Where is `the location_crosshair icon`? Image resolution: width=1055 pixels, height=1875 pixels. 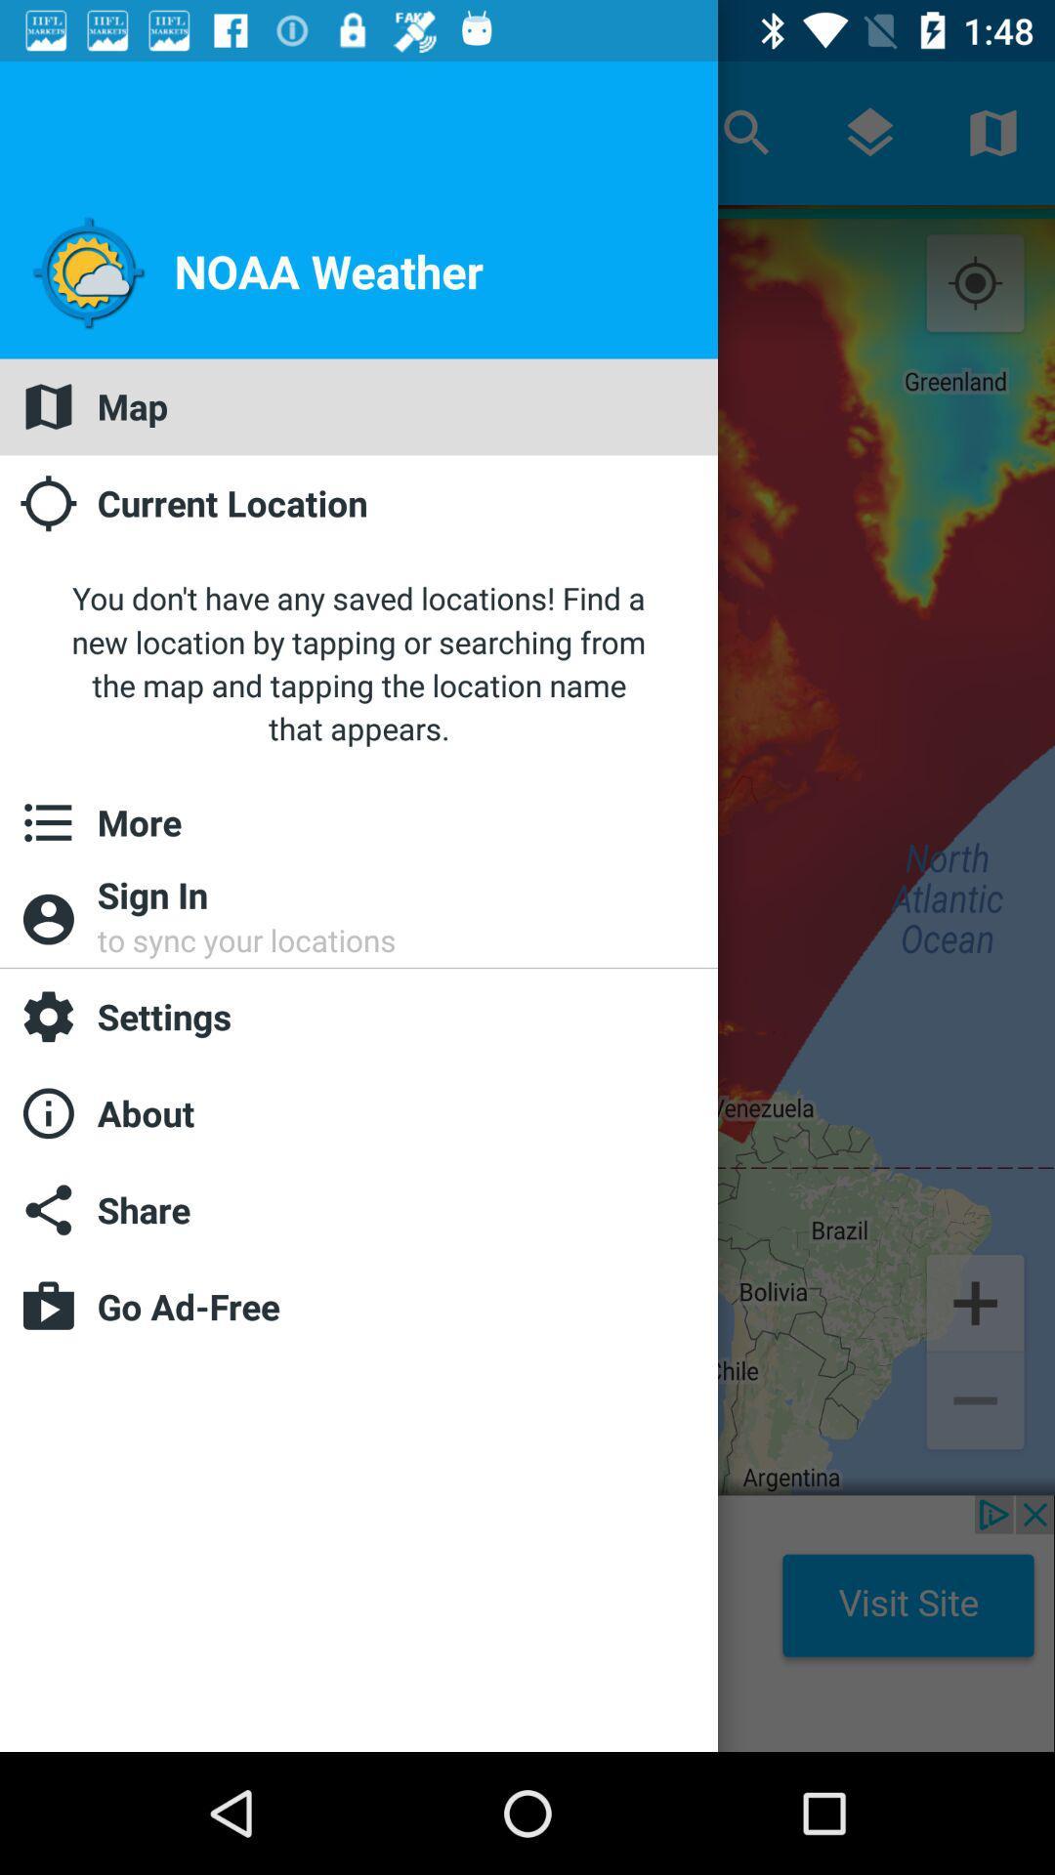
the location_crosshair icon is located at coordinates (975, 283).